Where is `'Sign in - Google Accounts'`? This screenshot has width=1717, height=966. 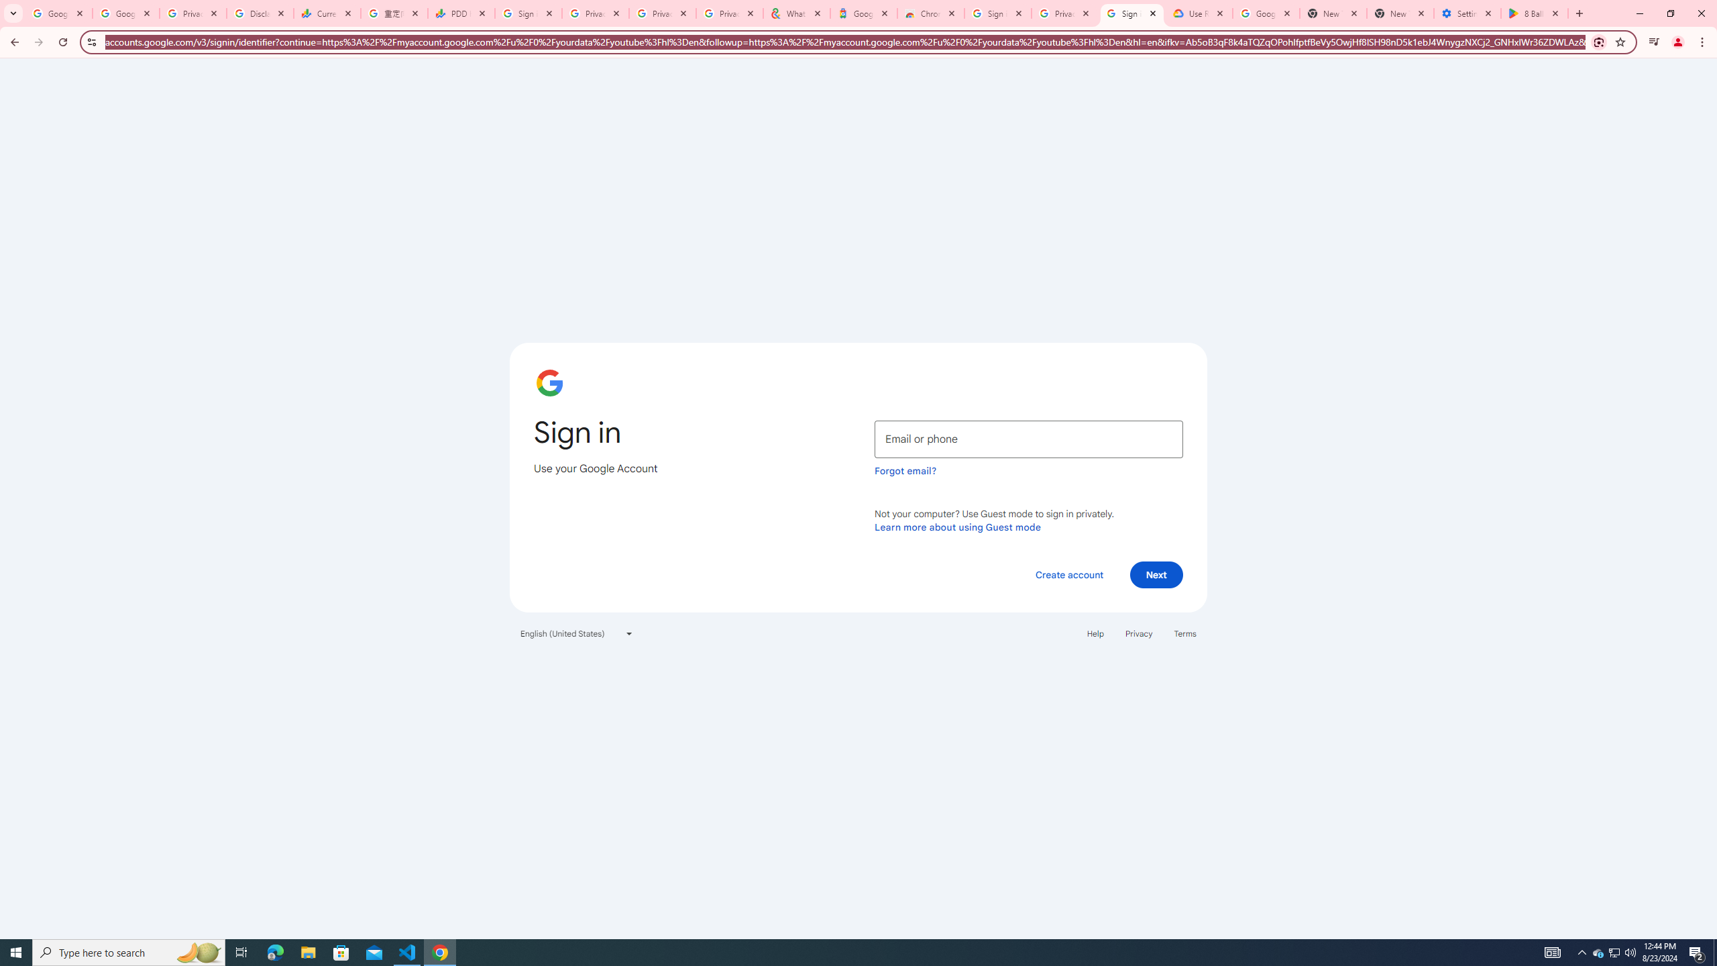
'Sign in - Google Accounts' is located at coordinates (997, 13).